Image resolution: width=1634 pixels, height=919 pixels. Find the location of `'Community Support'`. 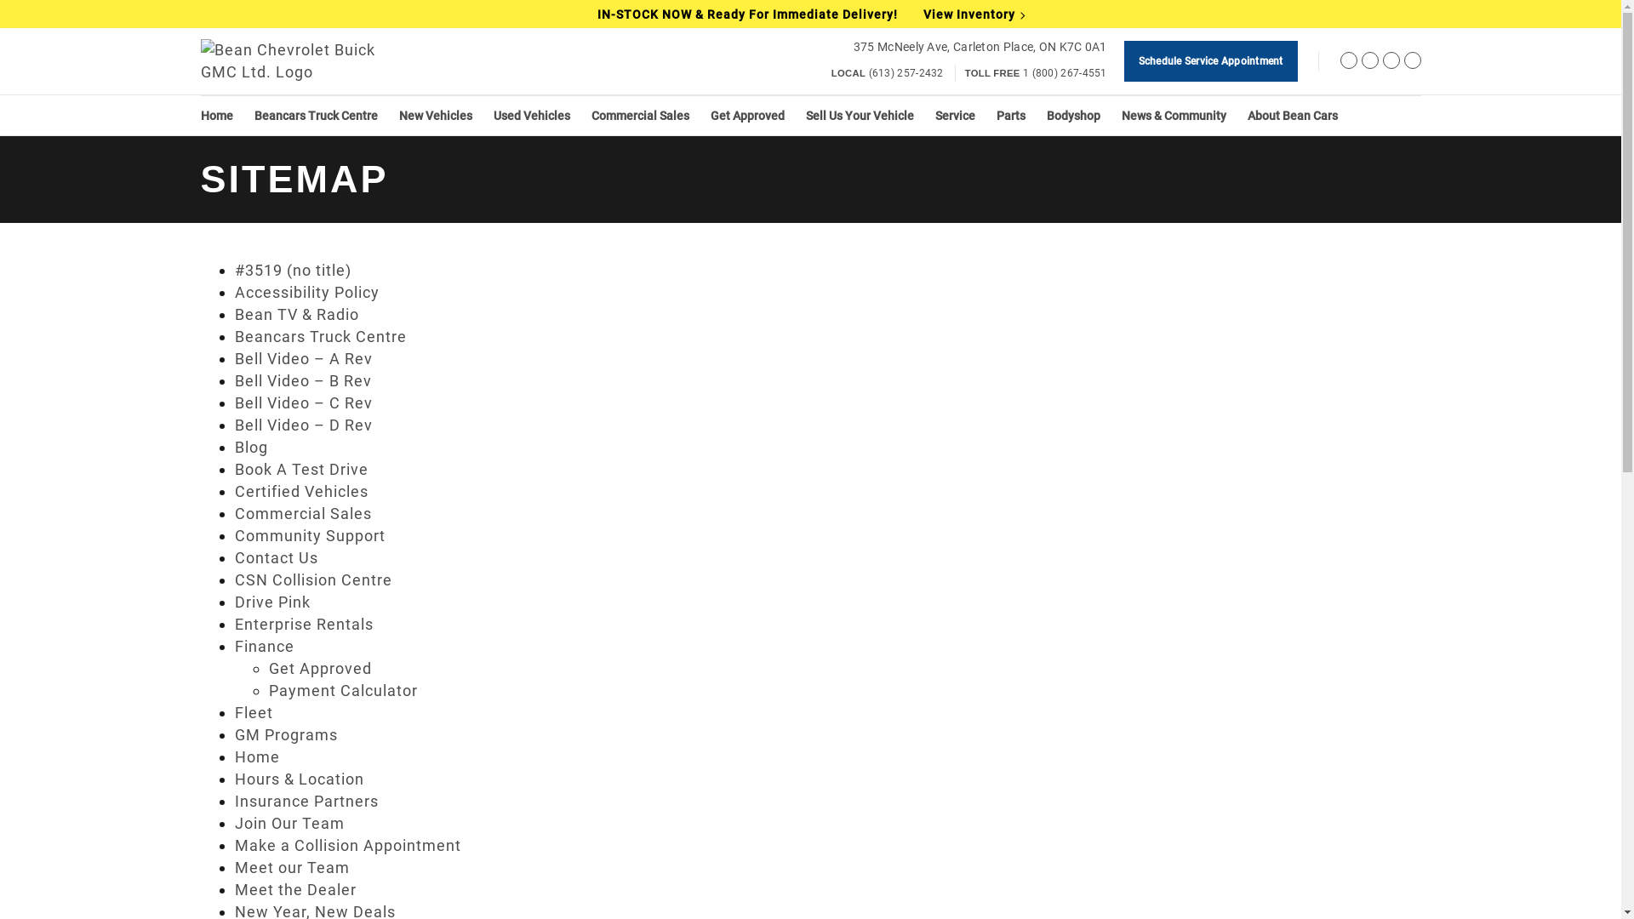

'Community Support' is located at coordinates (310, 534).